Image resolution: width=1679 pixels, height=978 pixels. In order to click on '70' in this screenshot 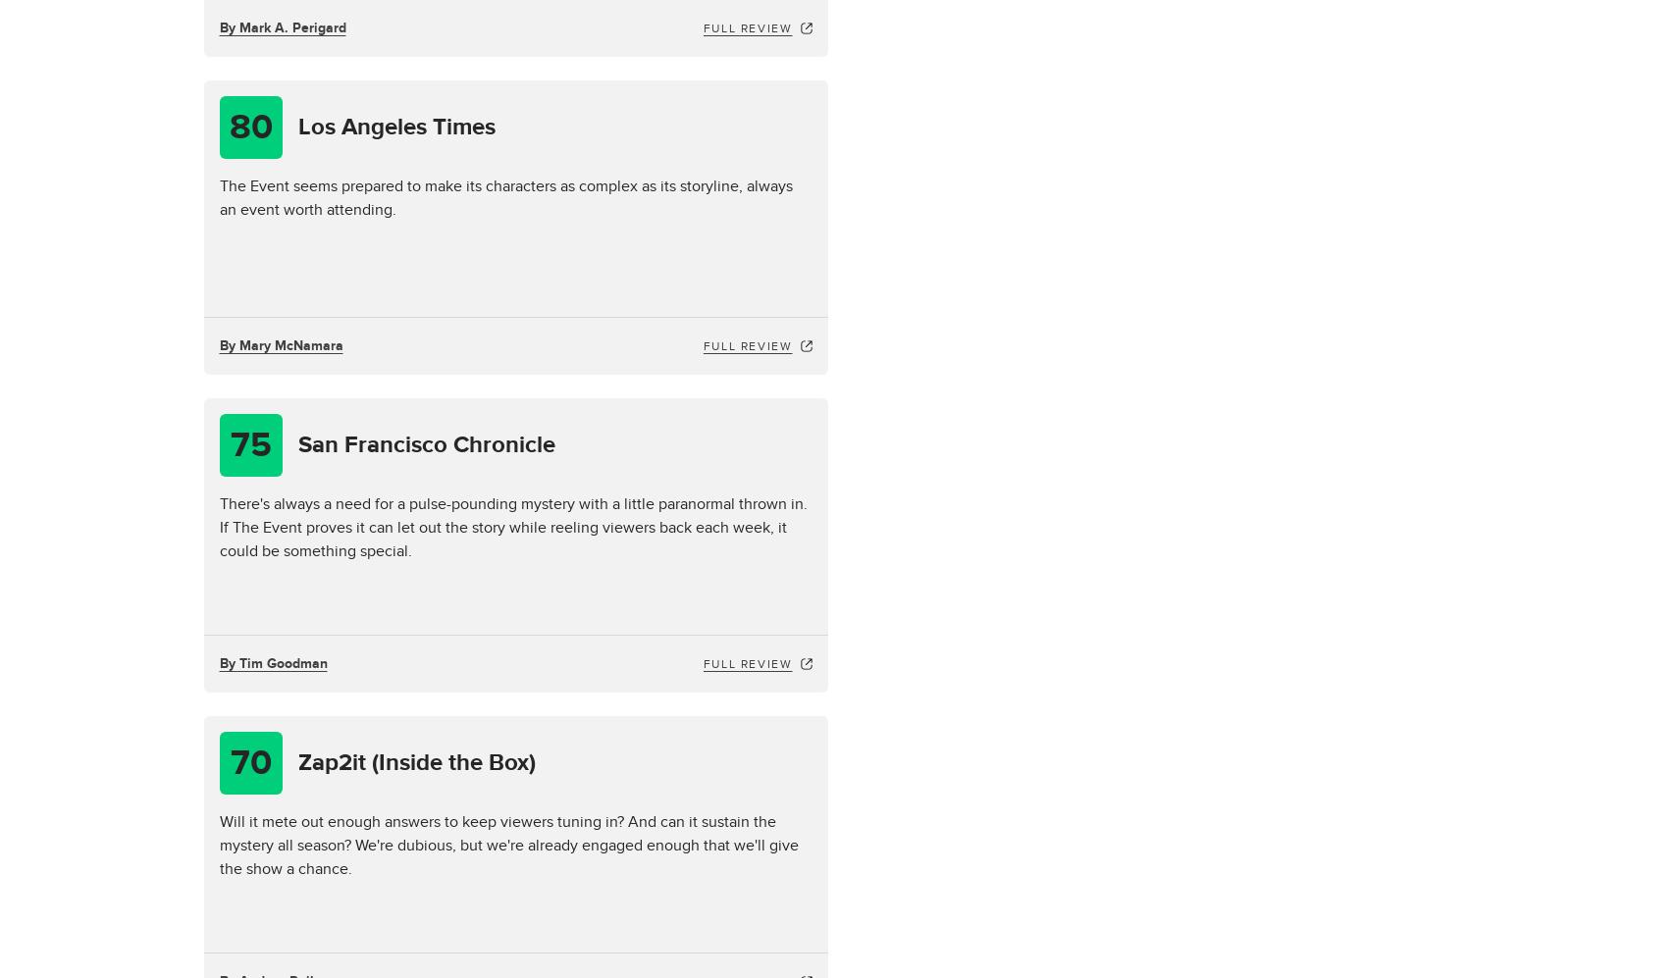, I will do `click(248, 761)`.